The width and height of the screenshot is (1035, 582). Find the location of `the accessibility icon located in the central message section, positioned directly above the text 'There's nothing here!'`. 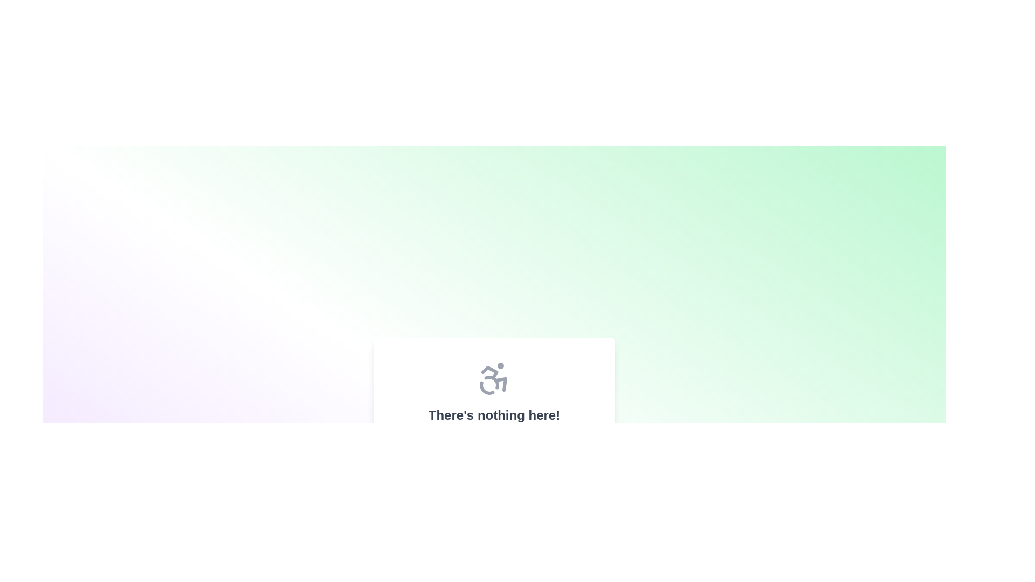

the accessibility icon located in the central message section, positioned directly above the text 'There's nothing here!' is located at coordinates (493, 378).